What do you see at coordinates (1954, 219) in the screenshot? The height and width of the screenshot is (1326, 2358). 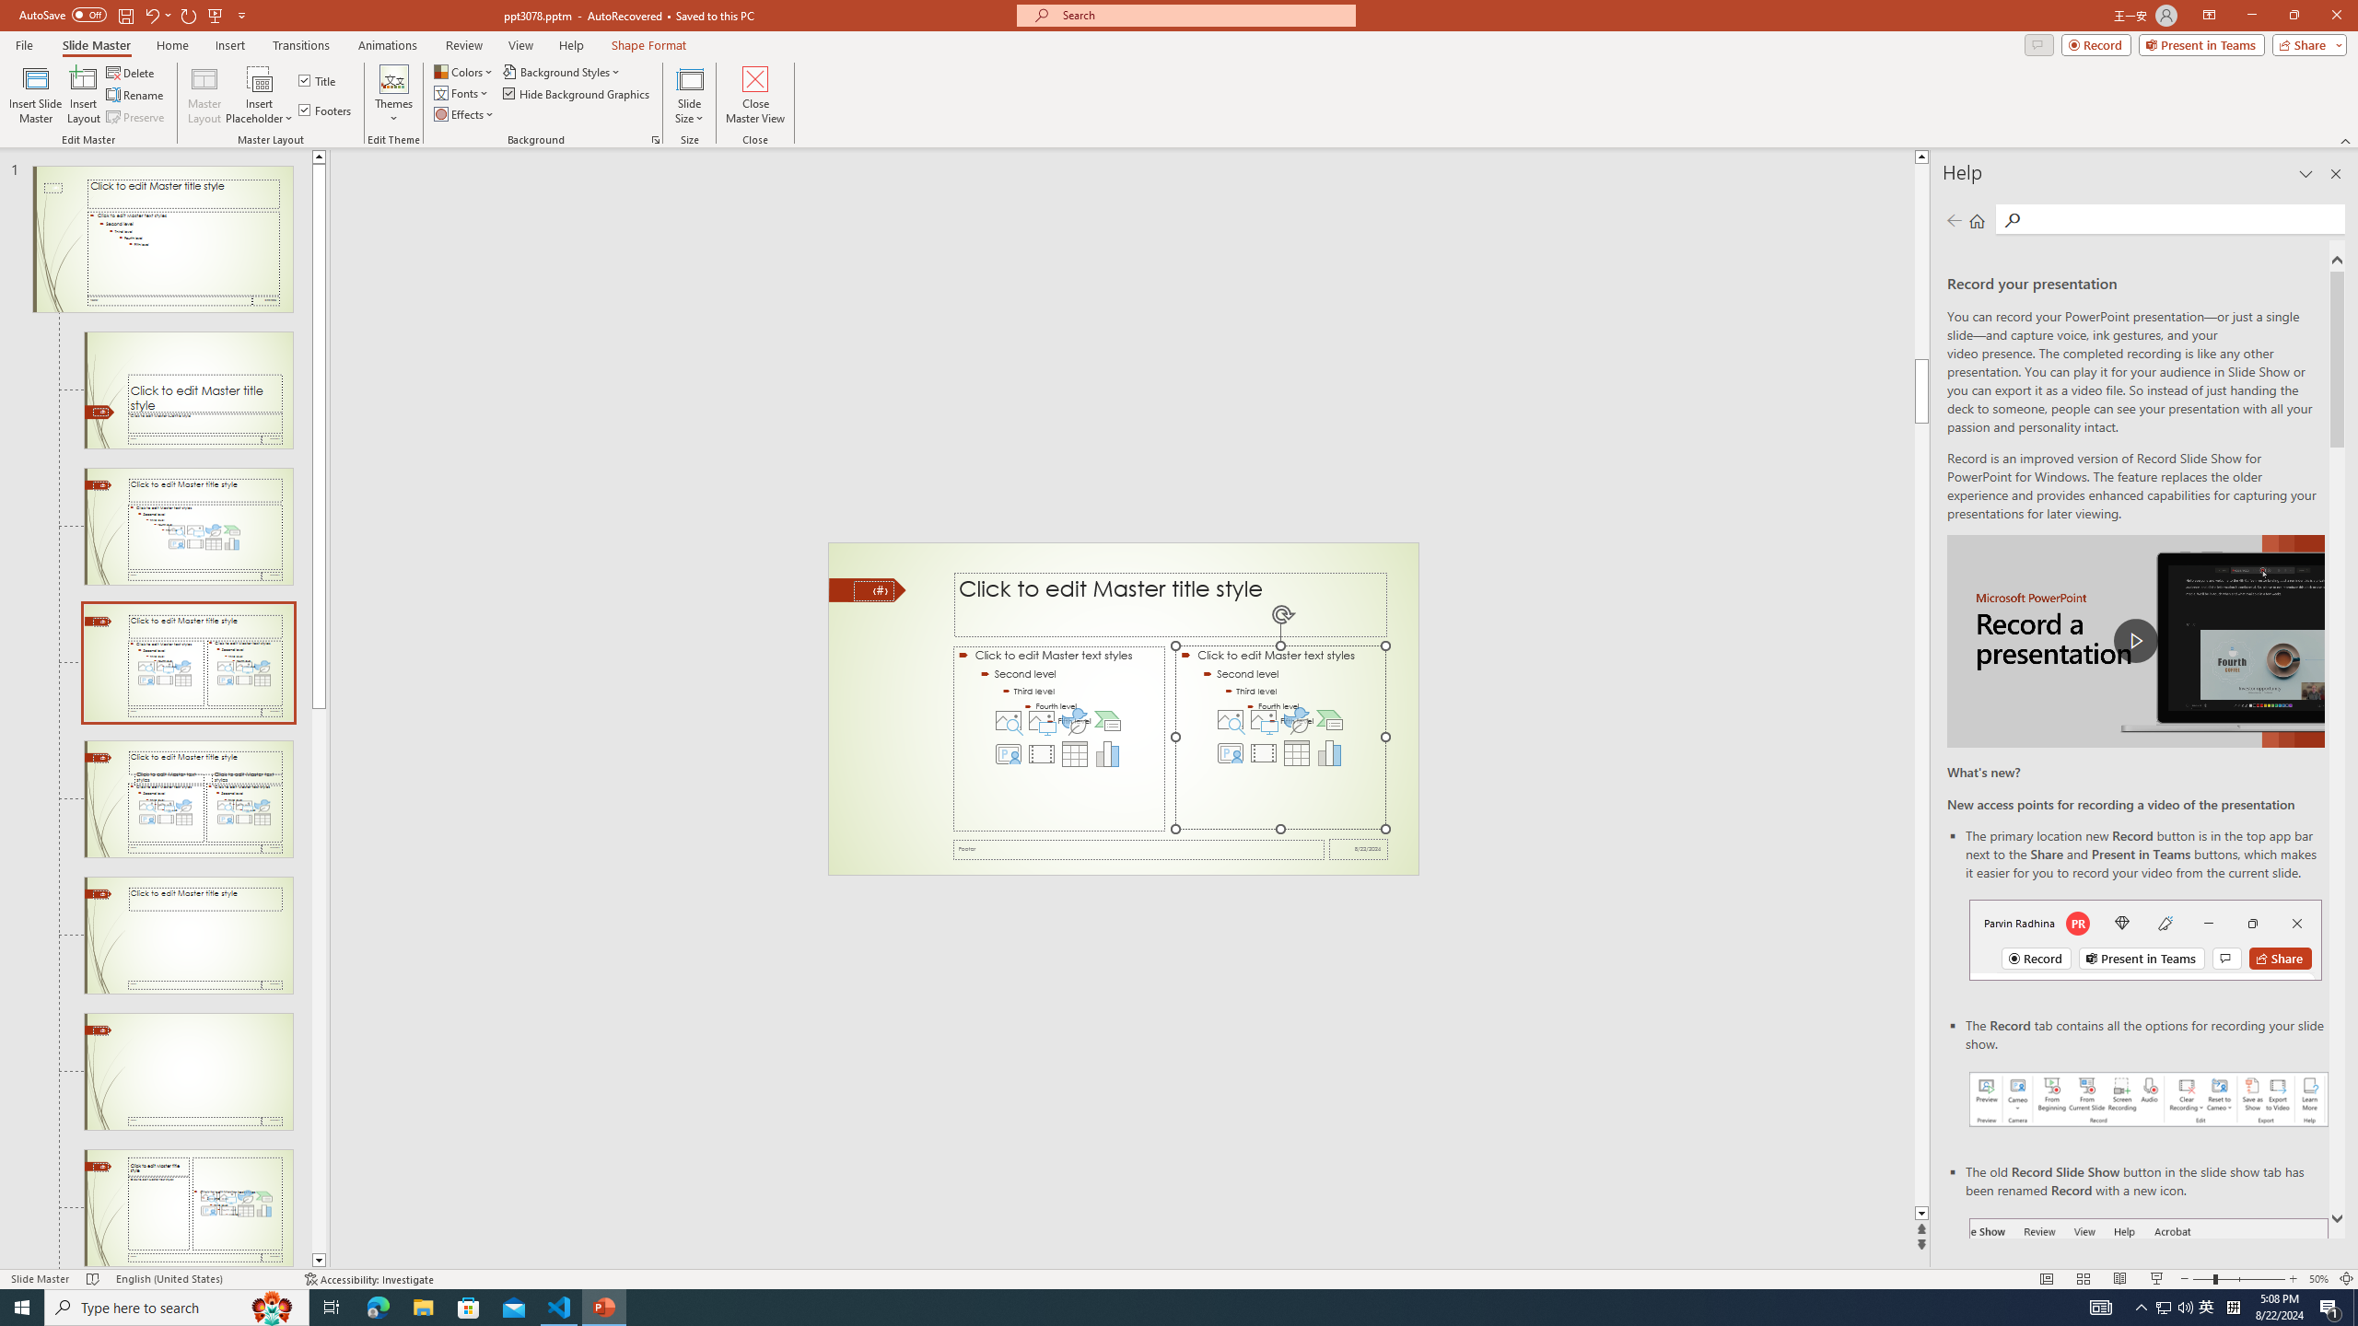 I see `'Previous page'` at bounding box center [1954, 219].